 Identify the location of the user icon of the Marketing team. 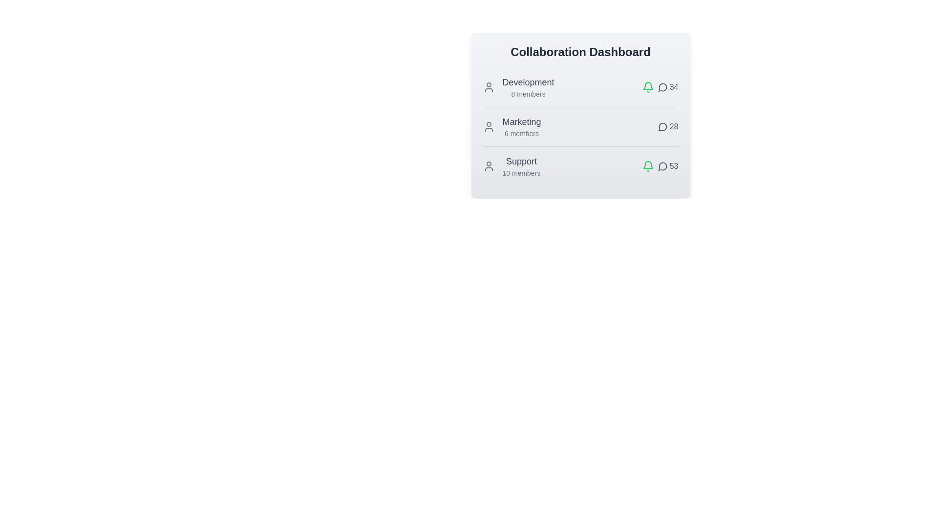
(489, 126).